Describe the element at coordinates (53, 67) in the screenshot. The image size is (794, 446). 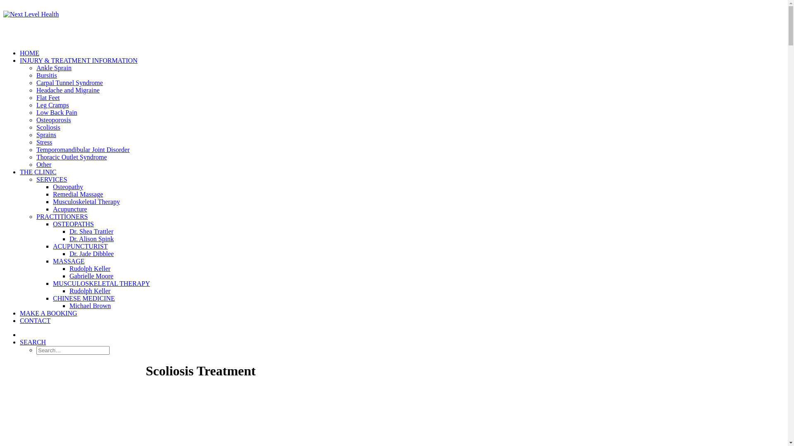
I see `'Ankle Sprain'` at that location.